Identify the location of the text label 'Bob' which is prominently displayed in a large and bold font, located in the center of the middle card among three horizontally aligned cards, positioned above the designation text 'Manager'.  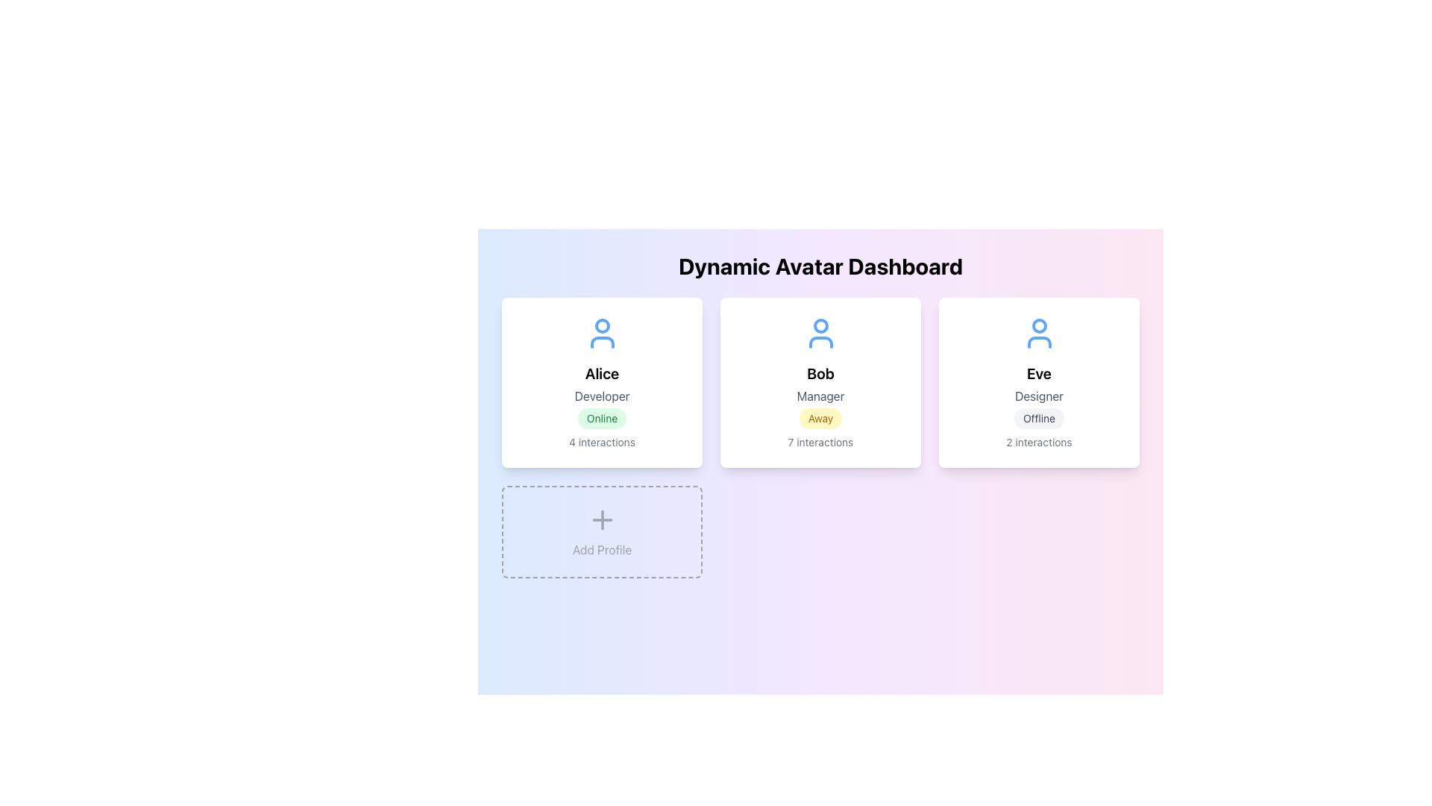
(820, 373).